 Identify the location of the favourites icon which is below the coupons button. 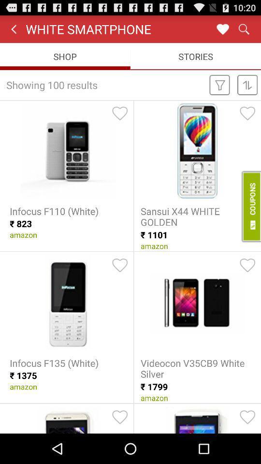
(247, 265).